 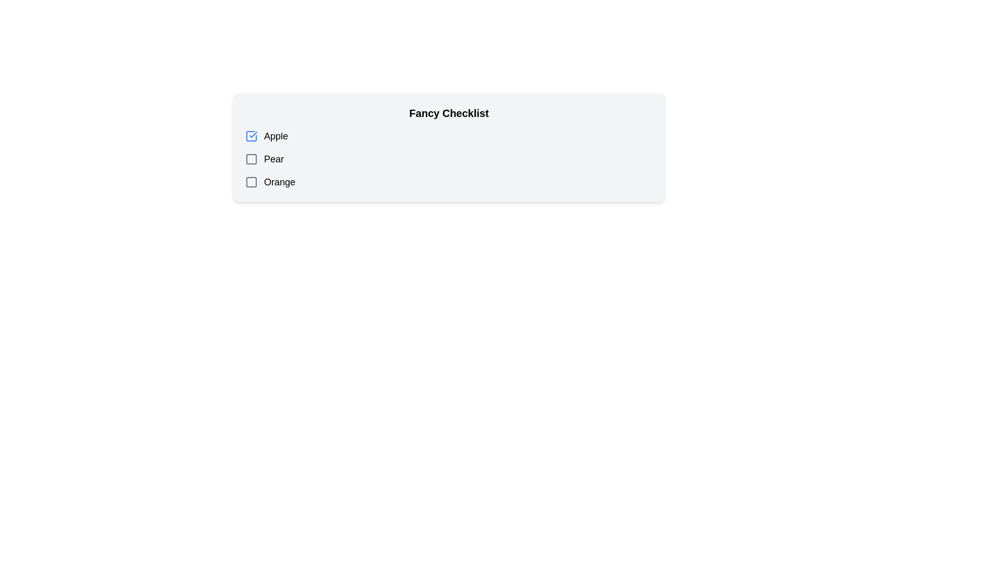 What do you see at coordinates (251, 181) in the screenshot?
I see `the square representing the state of the list item 'Orange' in the checklist, which is located in the last row adjacent to the label 'Orange'` at bounding box center [251, 181].